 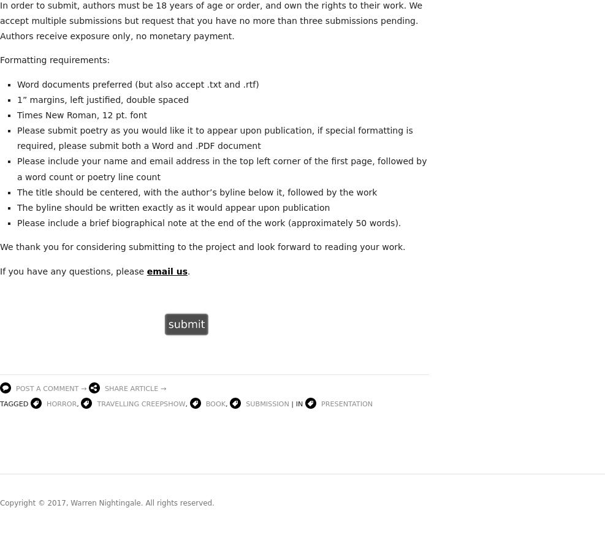 I want to click on 'Please include a brief biographical note at the end of the work (approximately 50 words).', so click(x=17, y=222).